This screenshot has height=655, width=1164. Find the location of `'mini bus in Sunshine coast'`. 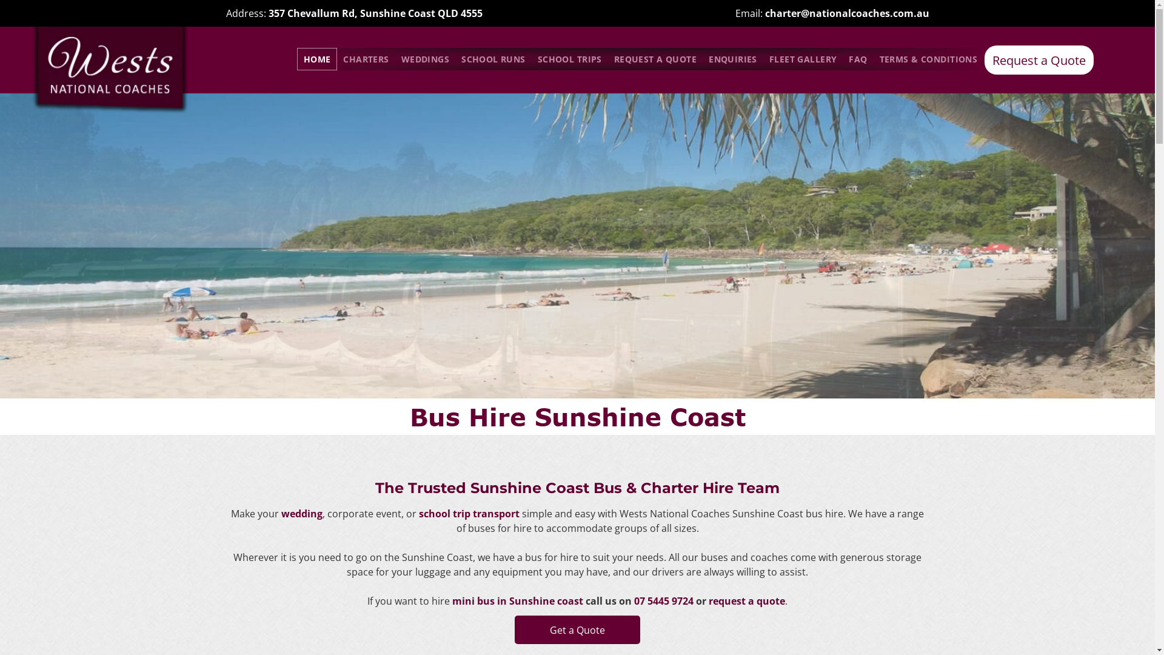

'mini bus in Sunshine coast' is located at coordinates (451, 601).